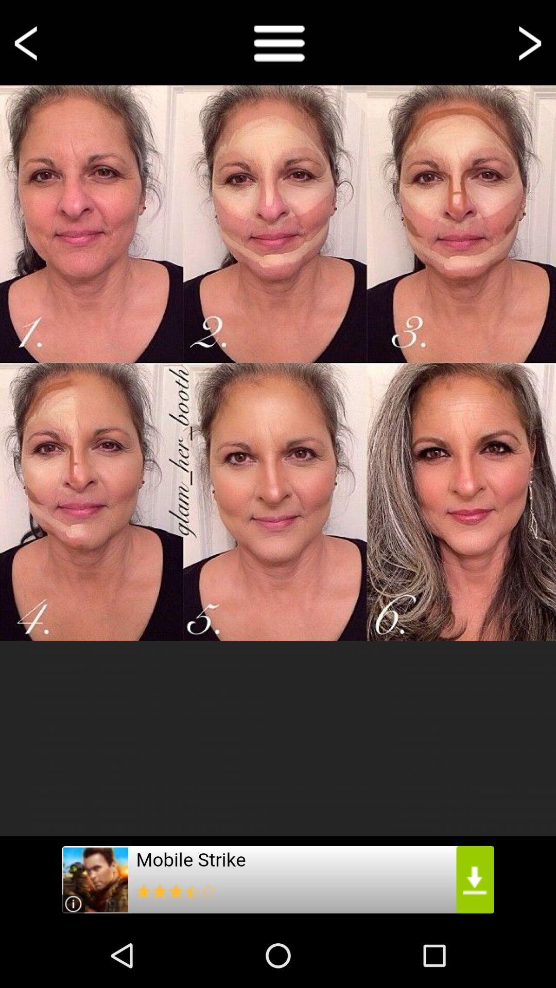 Image resolution: width=556 pixels, height=988 pixels. I want to click on menu, so click(278, 42).